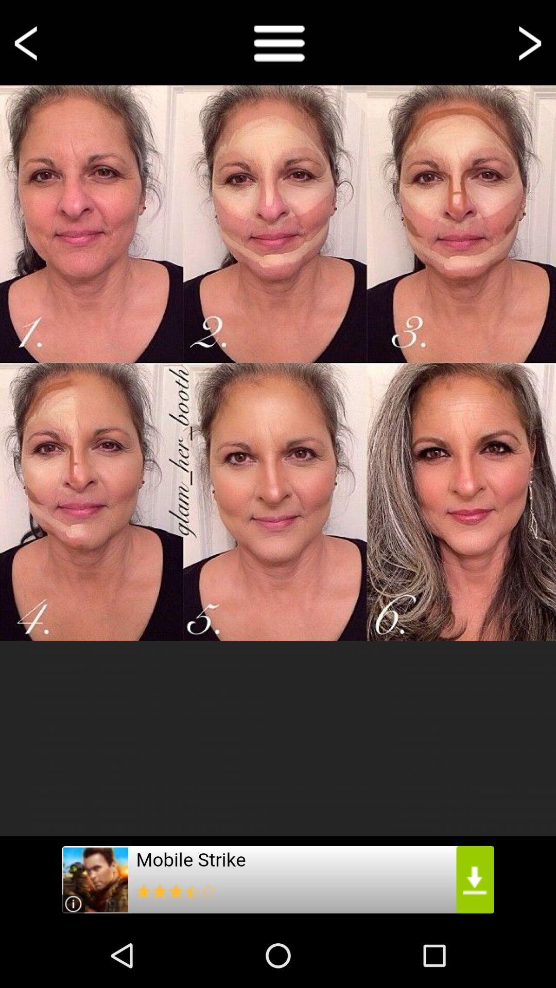 Image resolution: width=556 pixels, height=988 pixels. I want to click on menu, so click(278, 42).